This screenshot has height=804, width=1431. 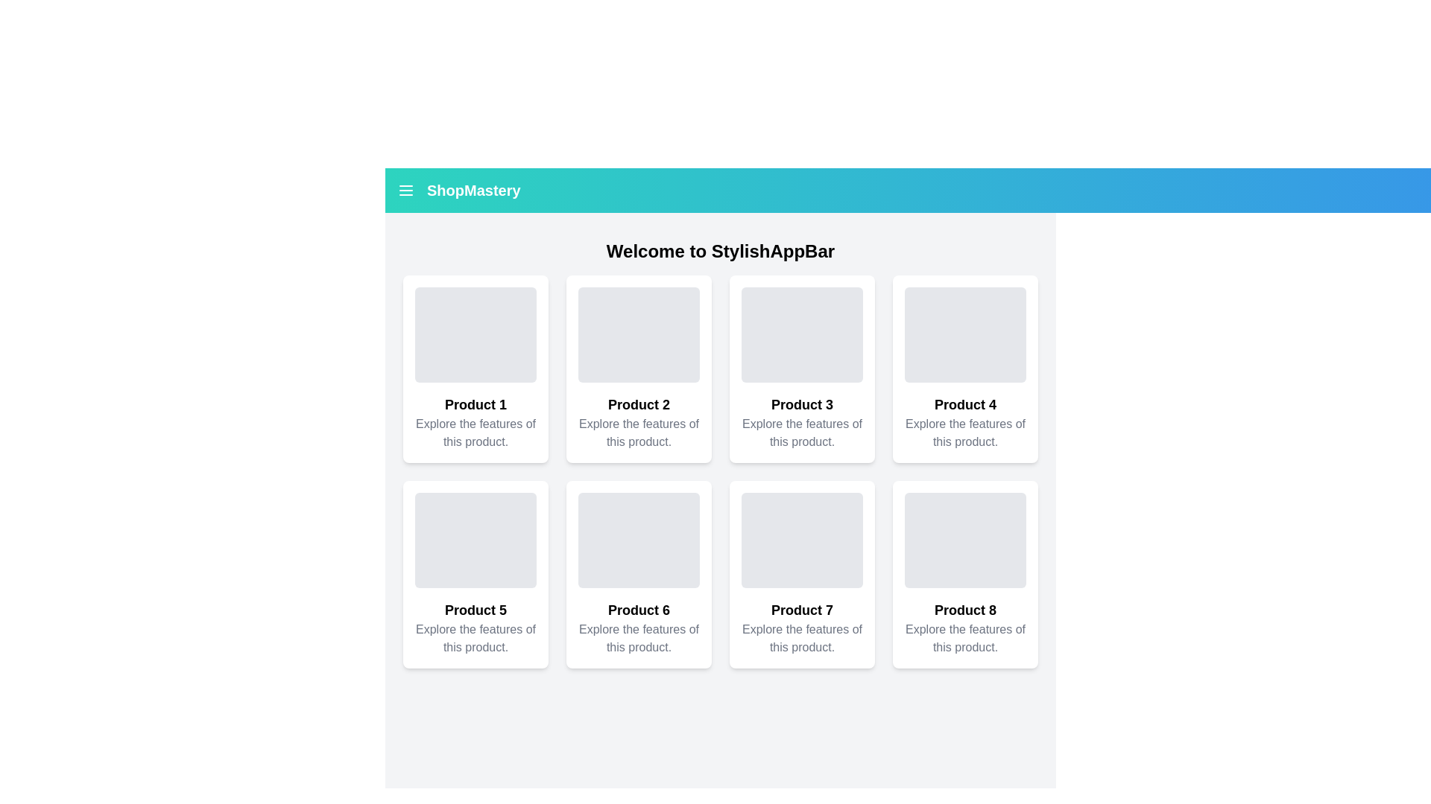 What do you see at coordinates (801, 540) in the screenshot?
I see `the image placeholder for 'Product 7' located at the top of its card in the eCommerce application interface` at bounding box center [801, 540].